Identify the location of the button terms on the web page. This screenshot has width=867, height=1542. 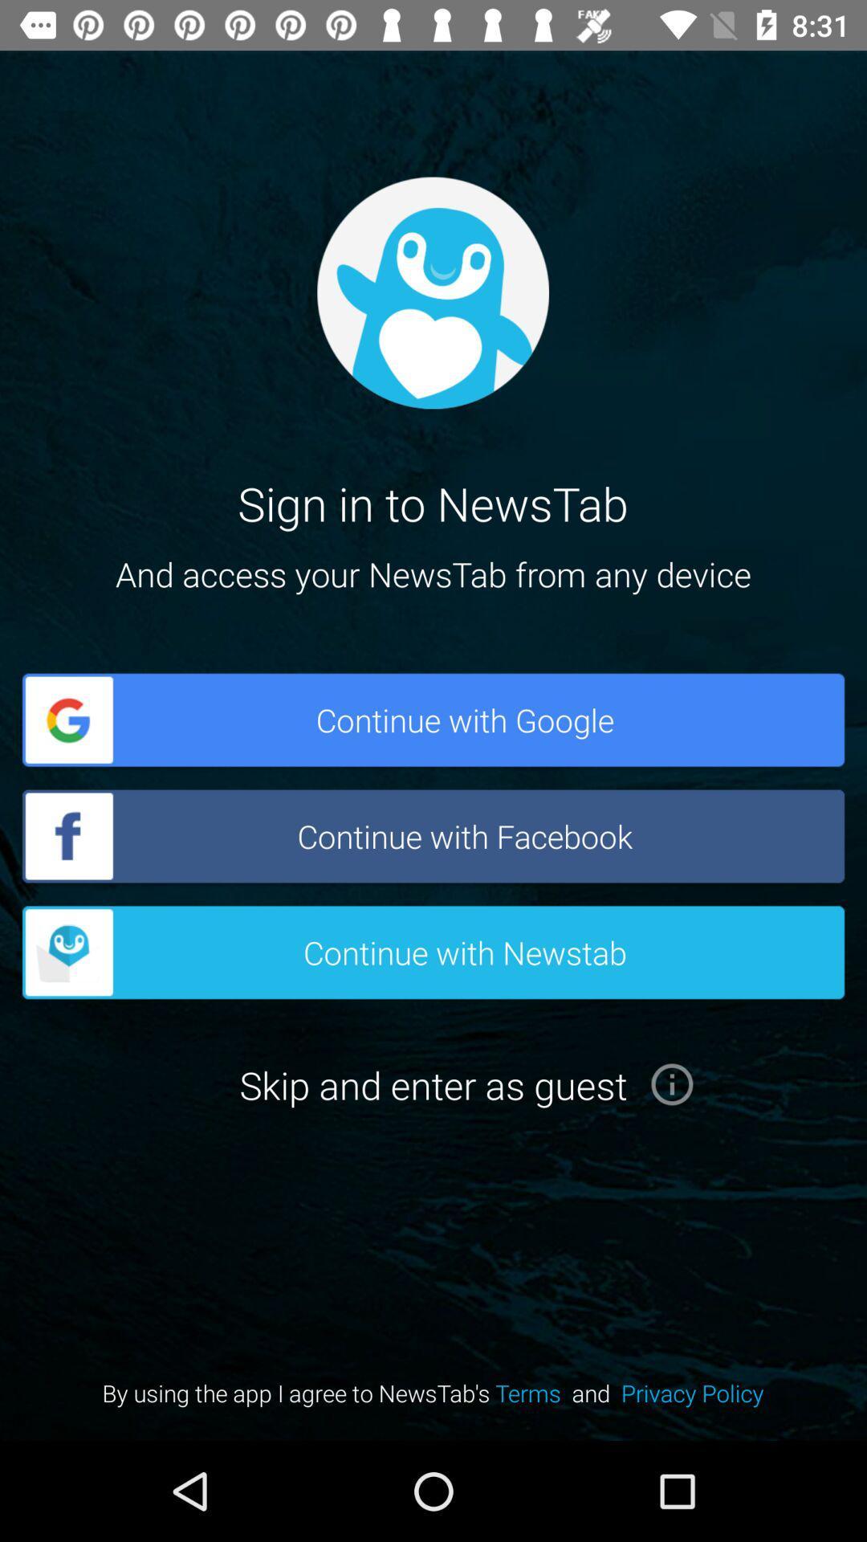
(533, 1392).